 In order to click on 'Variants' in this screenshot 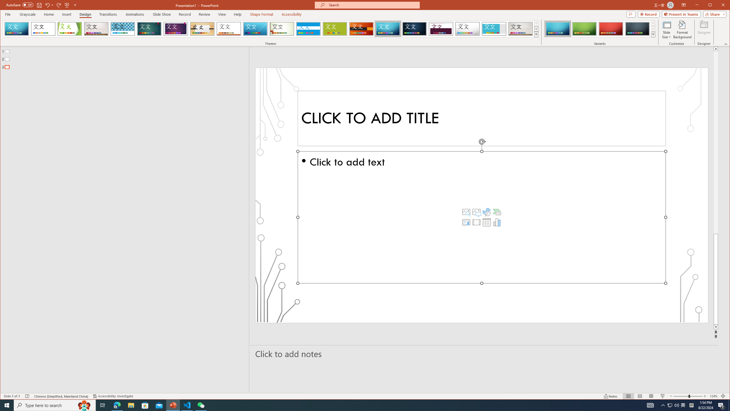, I will do `click(653, 34)`.